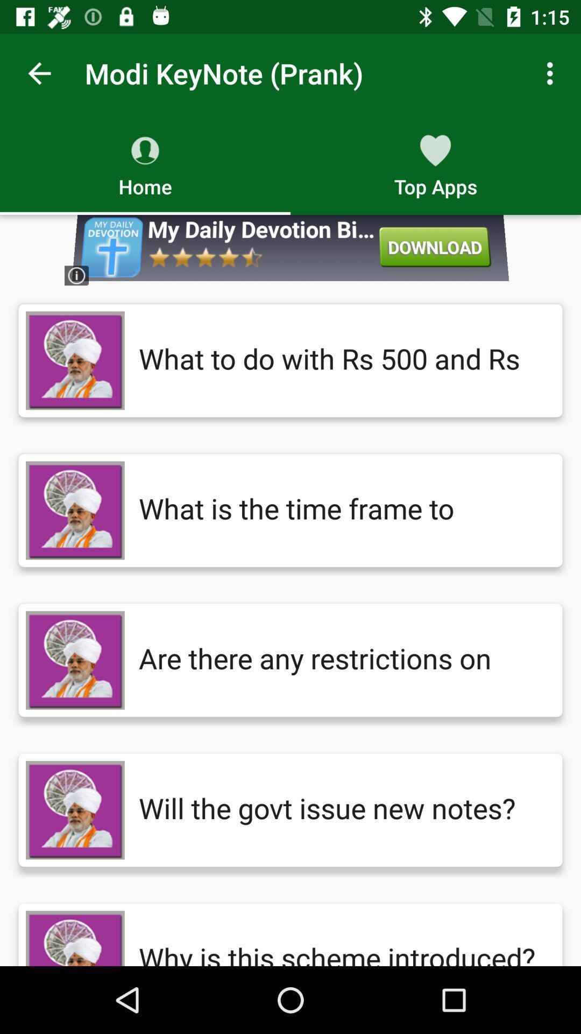  I want to click on the app next to the modi keynote (prank) icon, so click(552, 73).